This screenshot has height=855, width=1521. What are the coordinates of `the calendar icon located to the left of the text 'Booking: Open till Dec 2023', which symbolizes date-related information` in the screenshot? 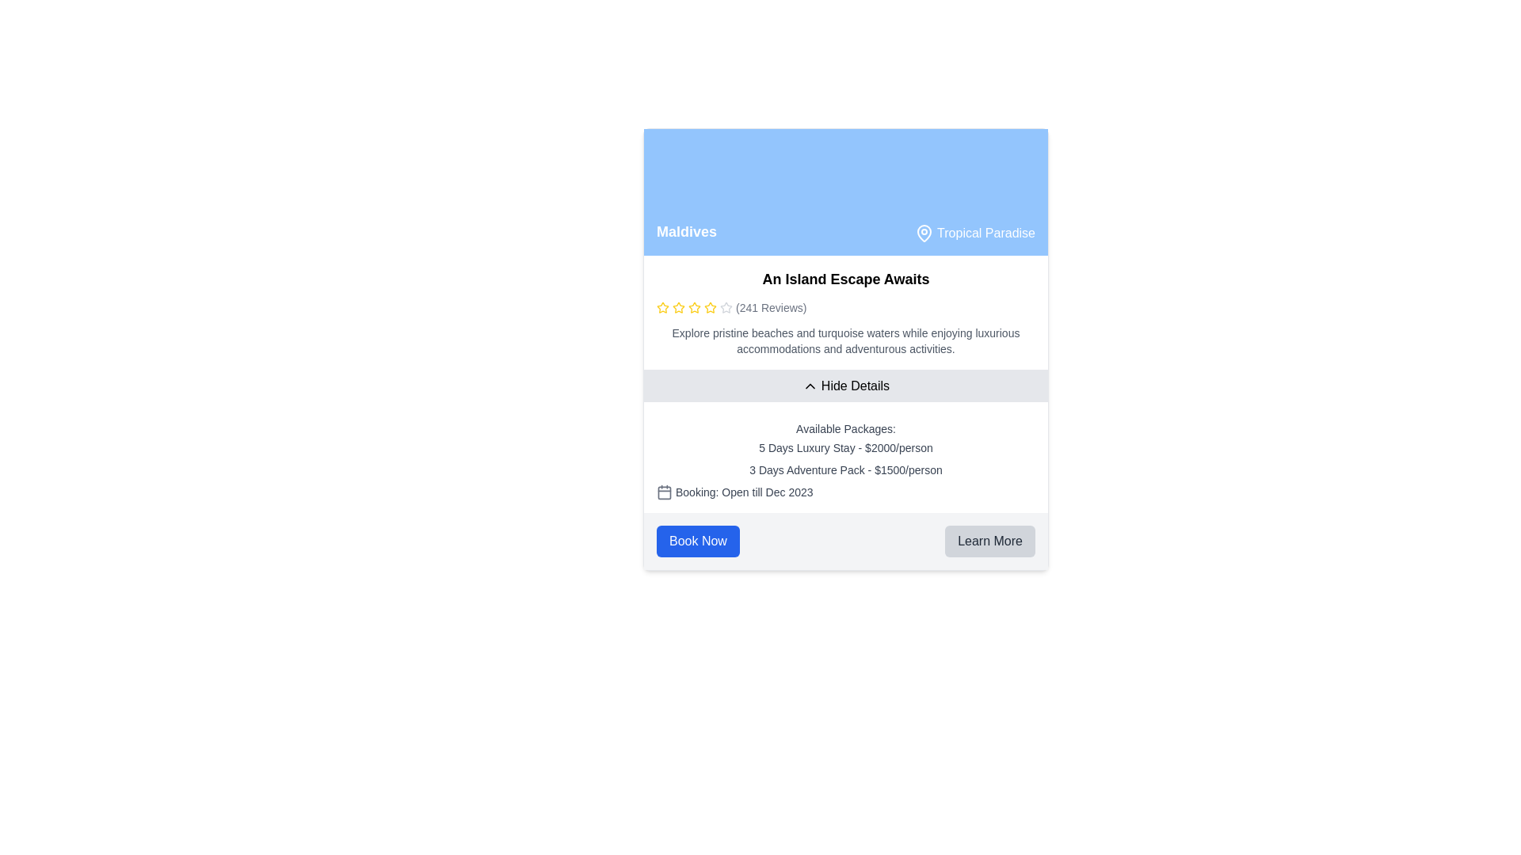 It's located at (665, 491).